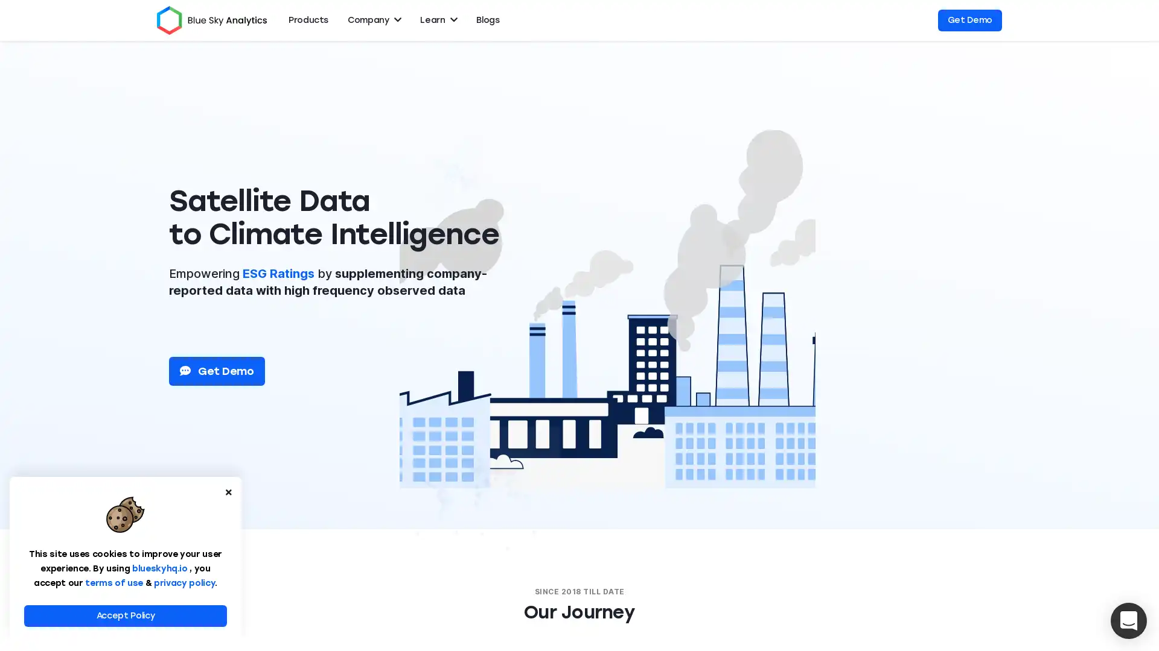 The width and height of the screenshot is (1159, 651). I want to click on Accept Policy, so click(125, 616).